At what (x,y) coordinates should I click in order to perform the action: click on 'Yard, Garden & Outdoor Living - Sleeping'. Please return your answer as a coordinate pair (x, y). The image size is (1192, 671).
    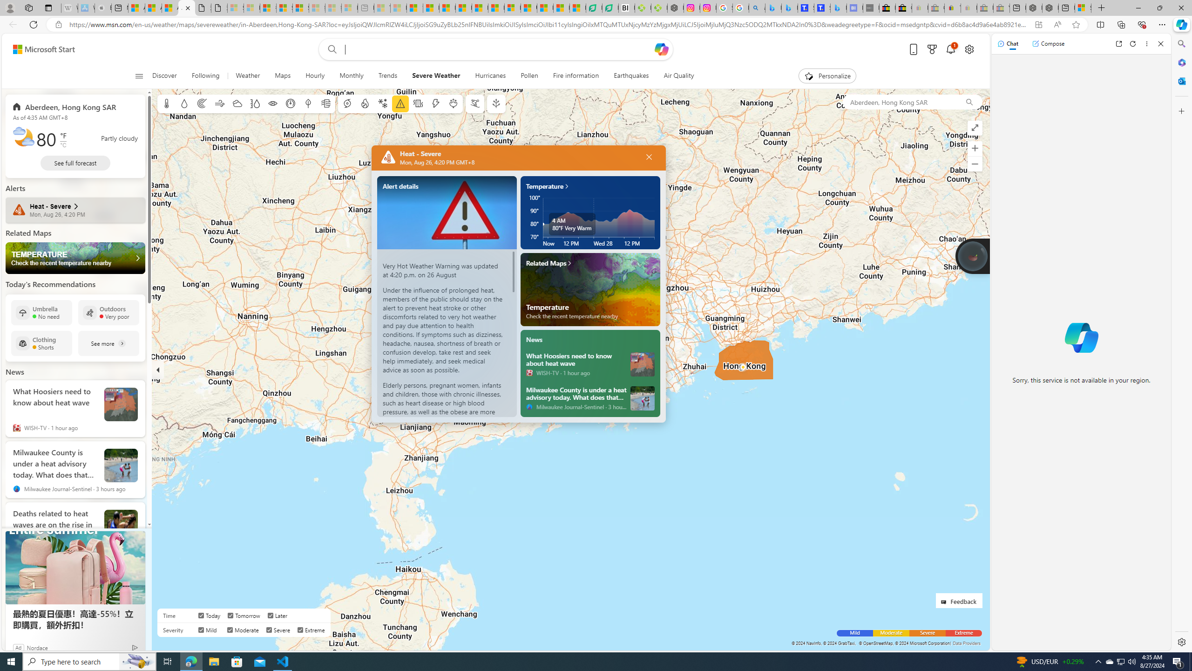
    Looking at the image, I should click on (1001, 7).